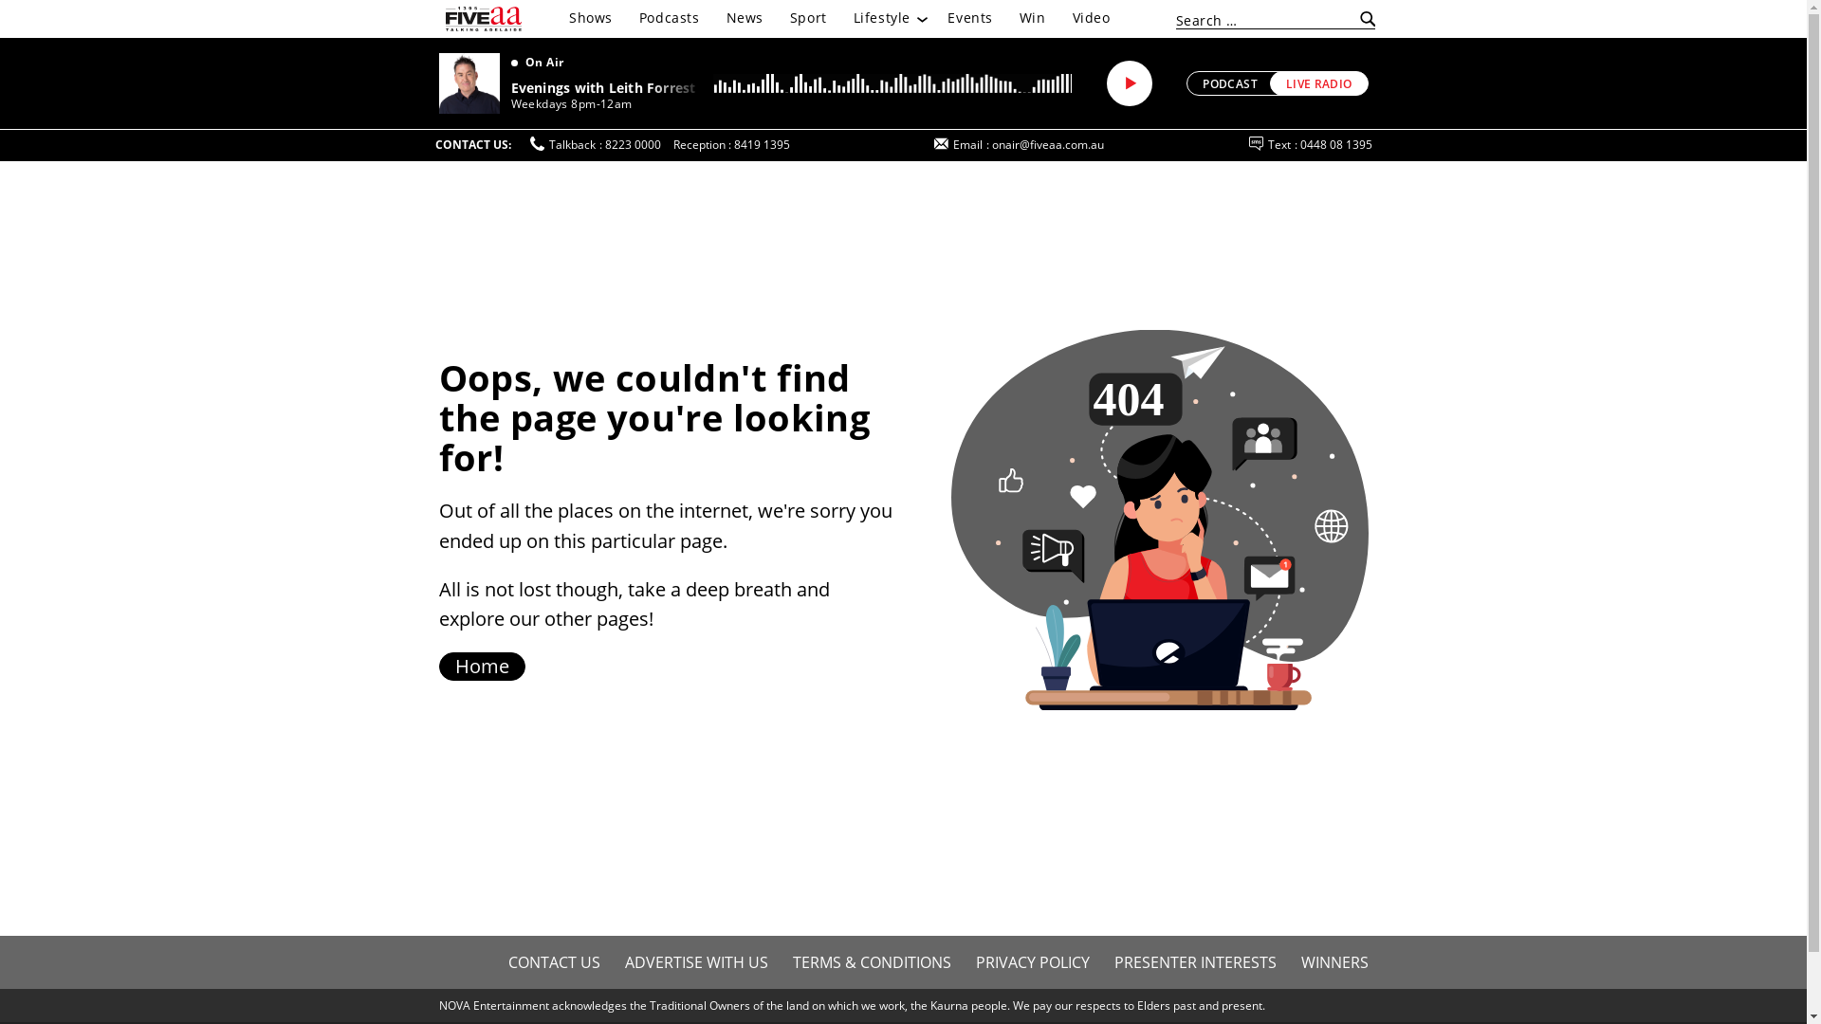  I want to click on 'News', so click(744, 18).